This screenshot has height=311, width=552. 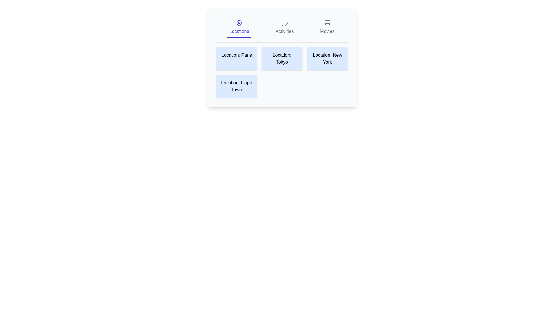 I want to click on the tab or card labeled Location: Cape Town, so click(x=236, y=86).